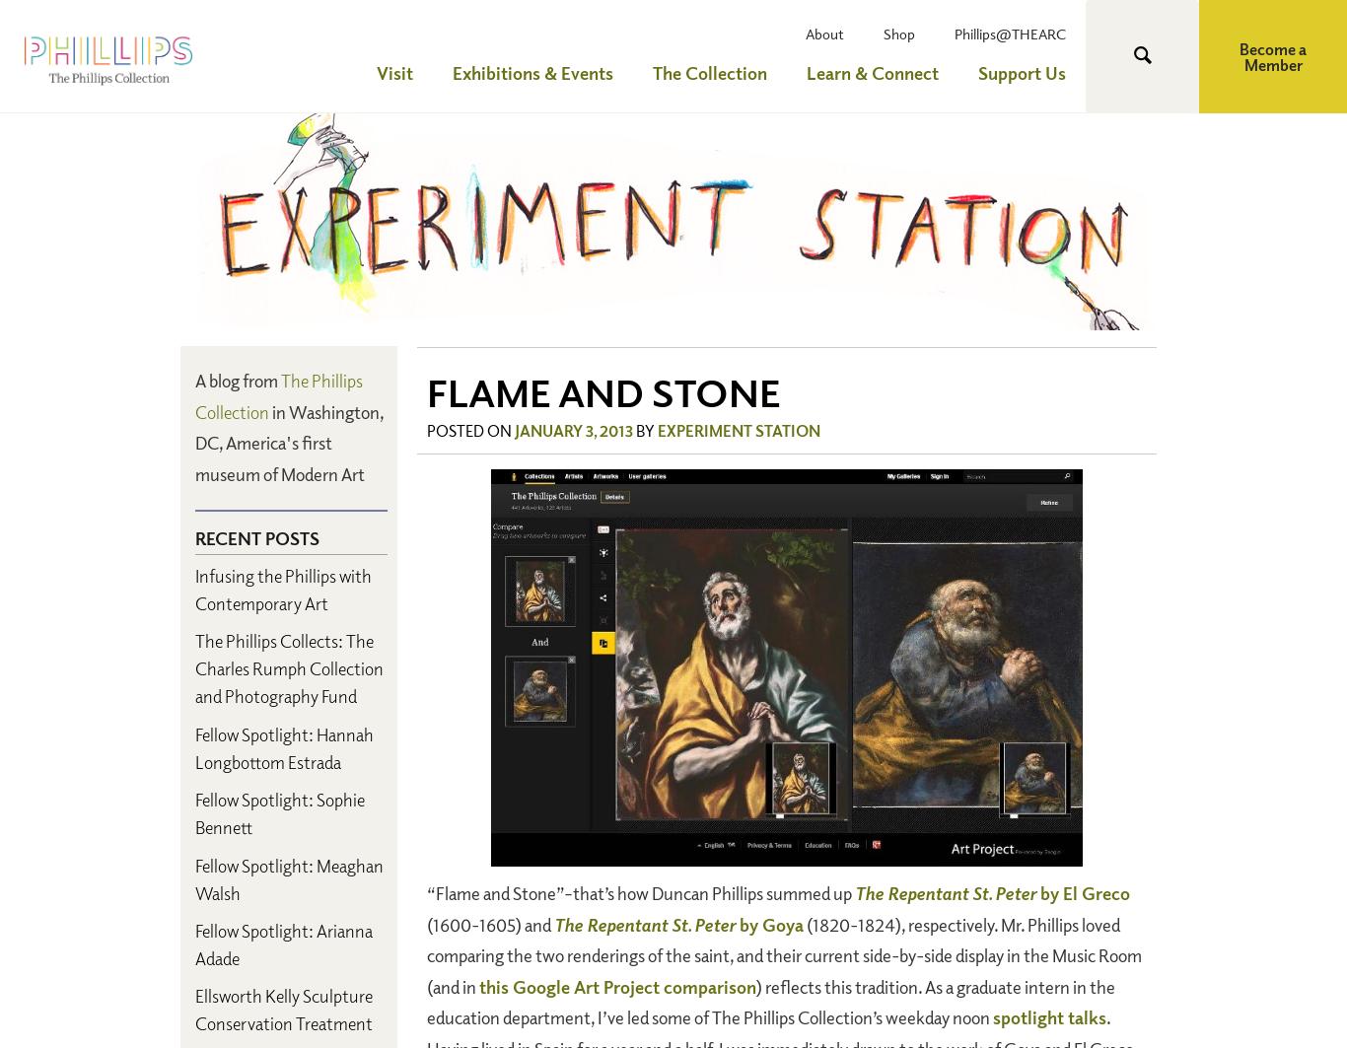 Image resolution: width=1347 pixels, height=1048 pixels. I want to click on 'Exhibitions & Events', so click(532, 72).